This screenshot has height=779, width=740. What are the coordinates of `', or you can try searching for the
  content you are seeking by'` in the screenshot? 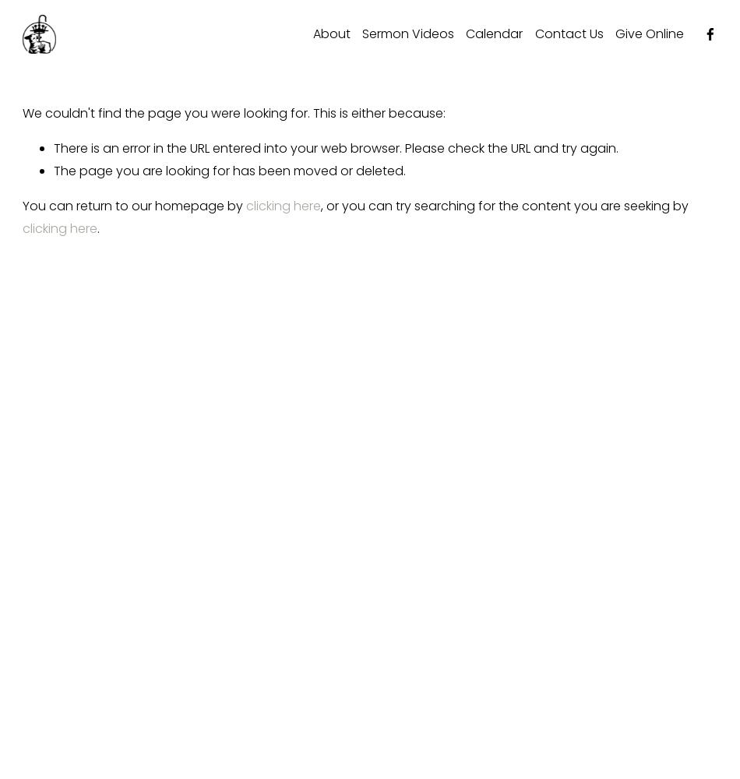 It's located at (319, 205).